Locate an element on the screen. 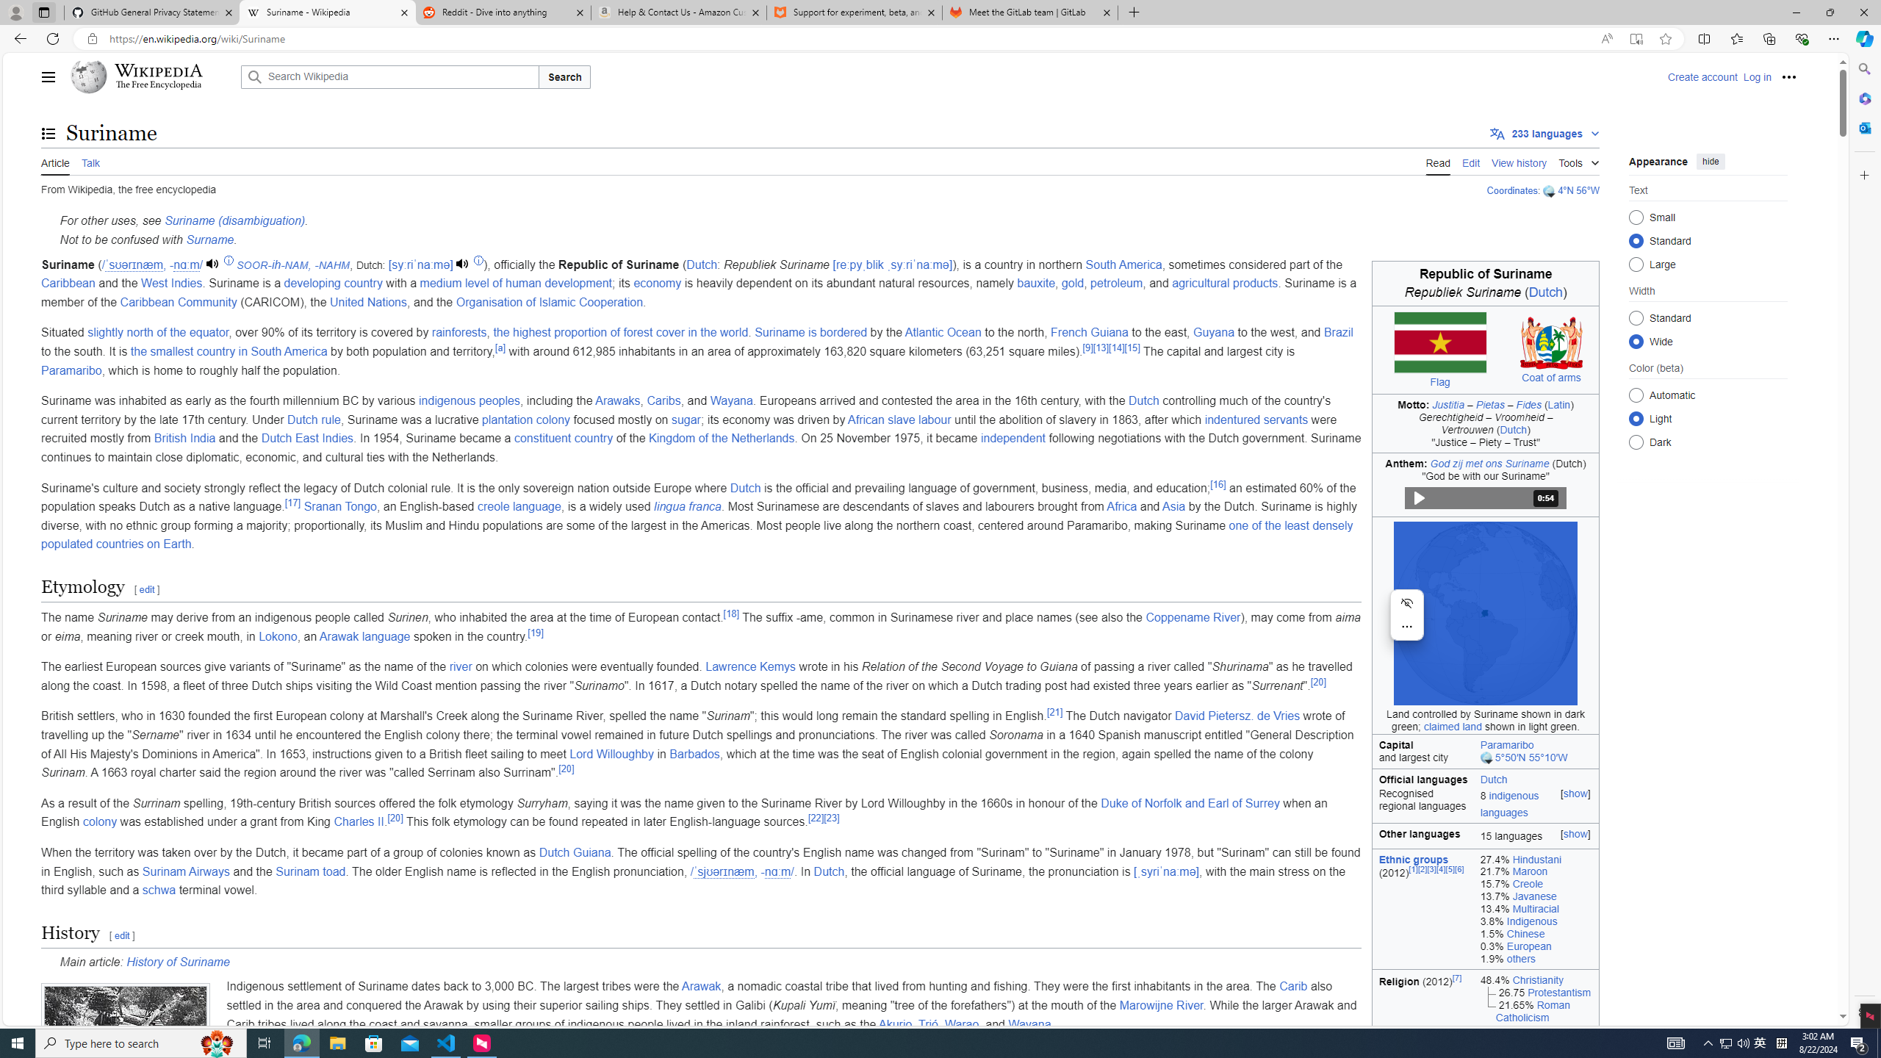  '[21]' is located at coordinates (1054, 711).